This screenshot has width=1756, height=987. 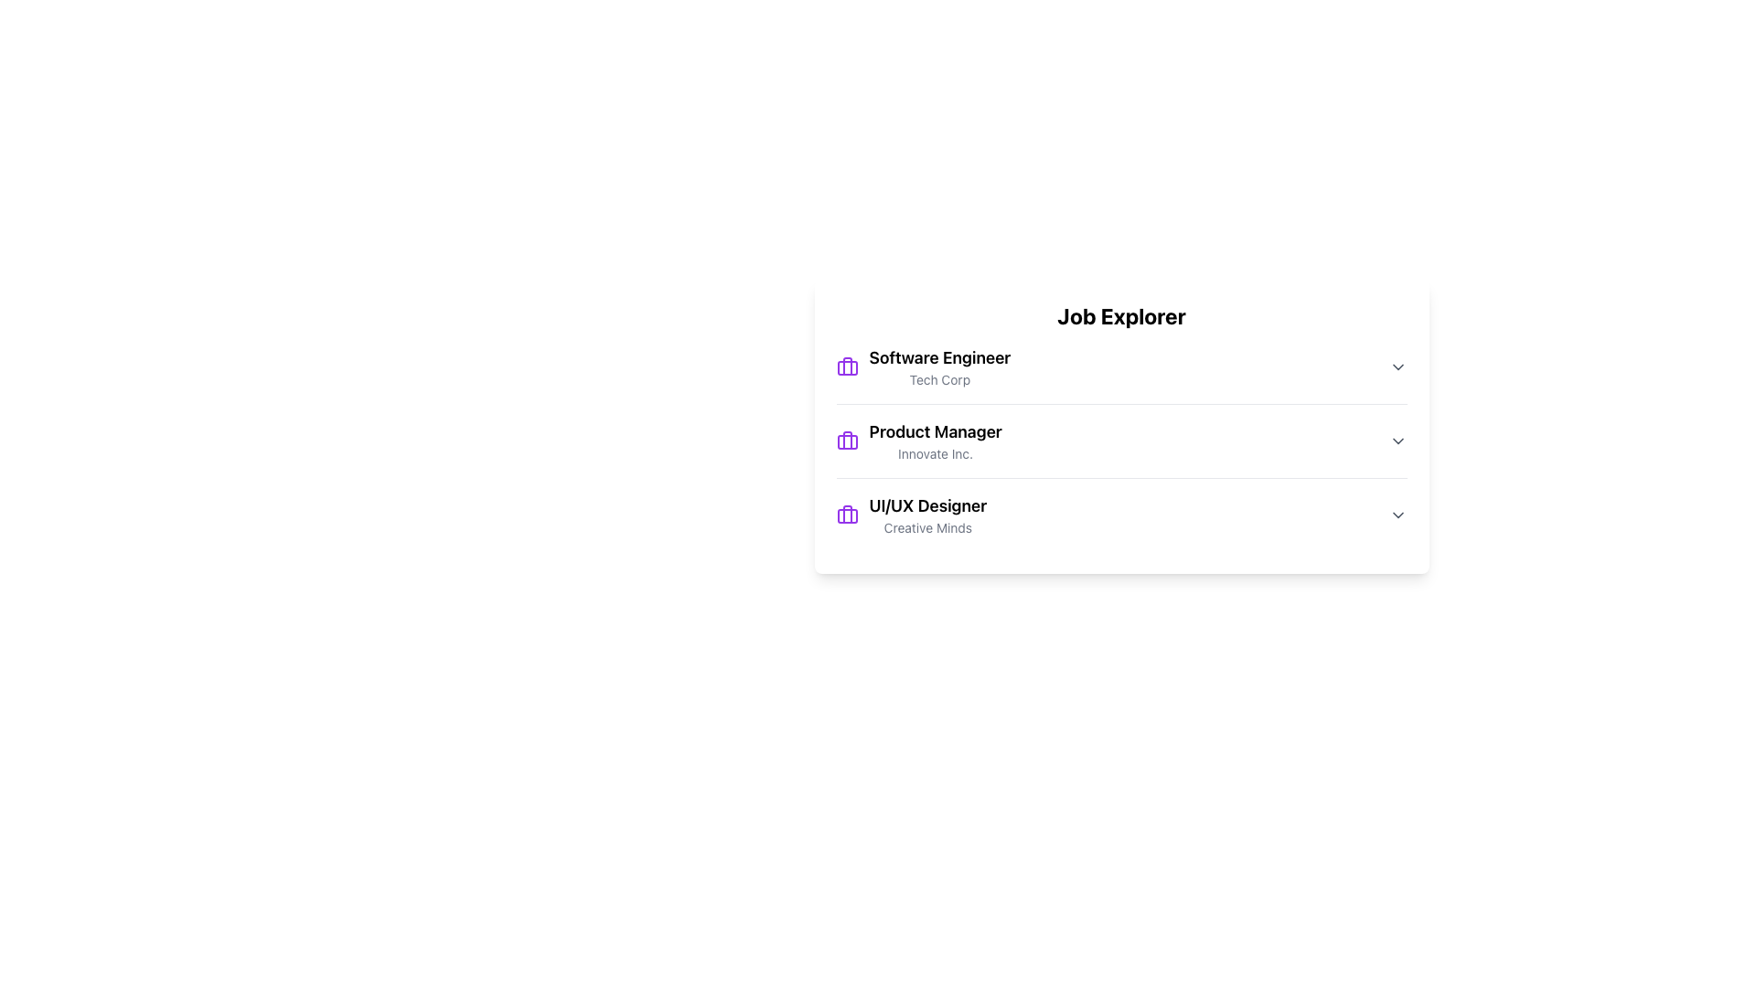 What do you see at coordinates (923, 366) in the screenshot?
I see `the first list item in the Job Explorer menu that contains the text 'Software Engineer' and the subtitle 'Tech Corp', which is accompanied by a purple briefcase icon` at bounding box center [923, 366].